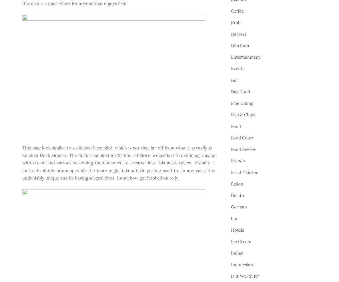 This screenshot has height=282, width=339. What do you see at coordinates (239, 207) in the screenshot?
I see `'German'` at bounding box center [239, 207].